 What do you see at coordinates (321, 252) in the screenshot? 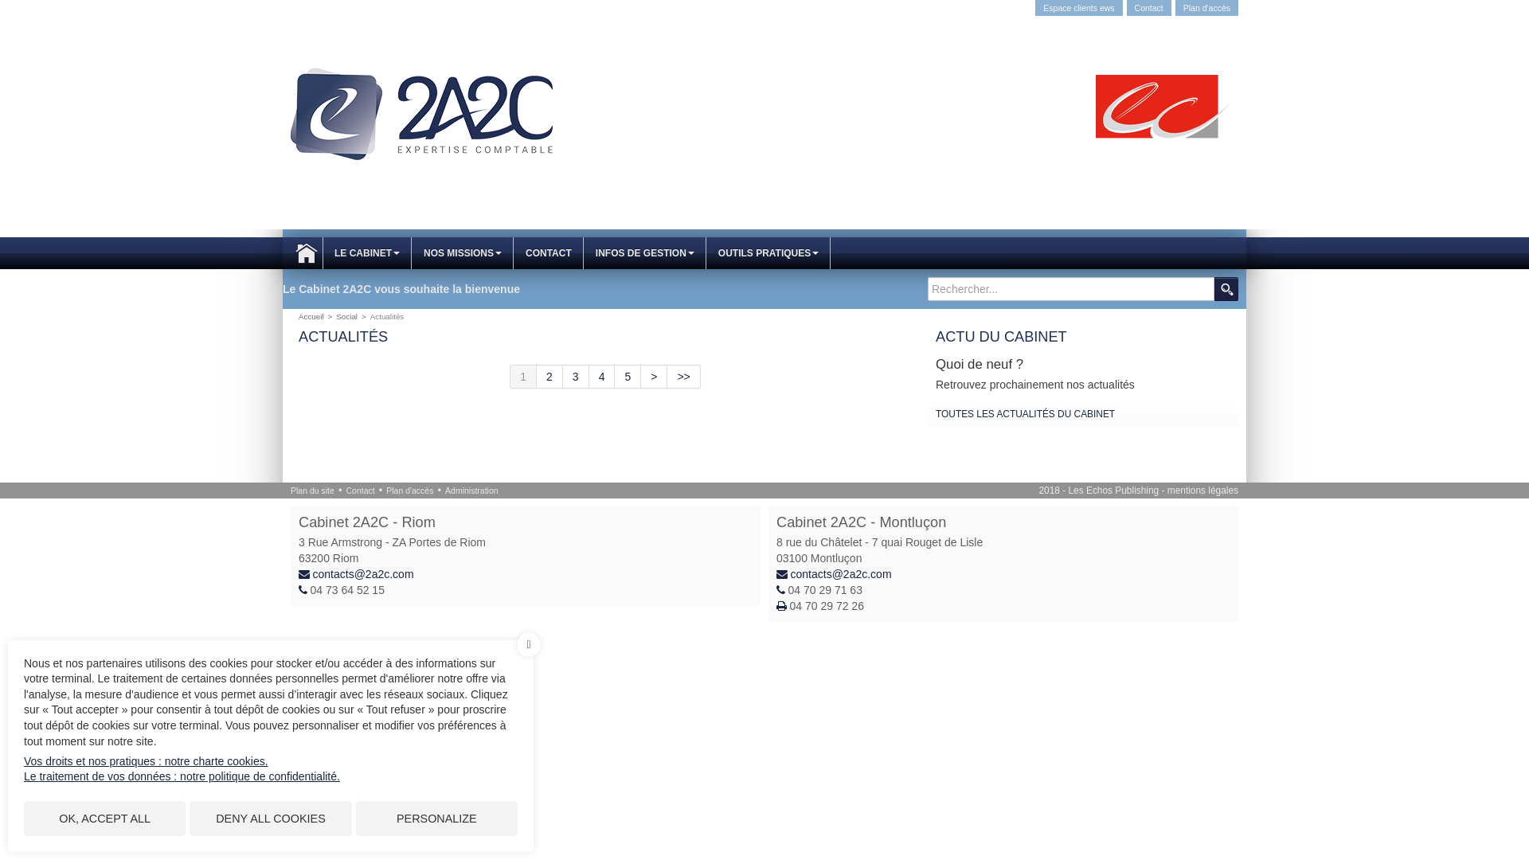
I see `'LE CABINET'` at bounding box center [321, 252].